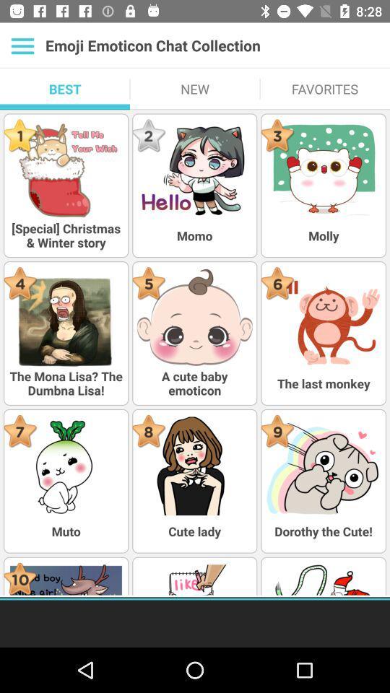 The image size is (390, 693). I want to click on category button to see more items, so click(22, 45).